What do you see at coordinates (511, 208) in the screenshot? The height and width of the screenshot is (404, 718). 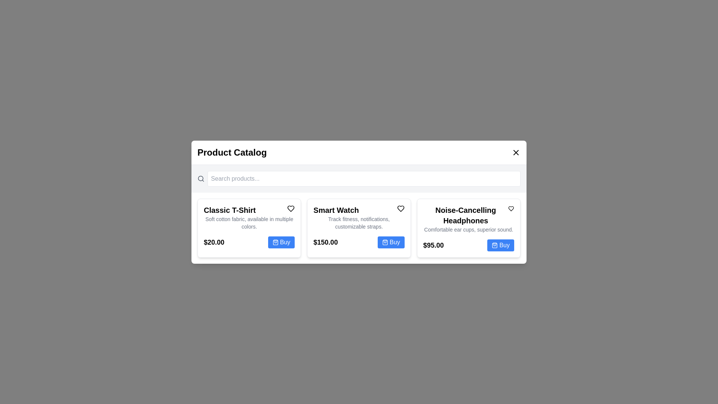 I see `the heart icon next to the product named Noise-Cancelling Headphones to add it to favorites` at bounding box center [511, 208].